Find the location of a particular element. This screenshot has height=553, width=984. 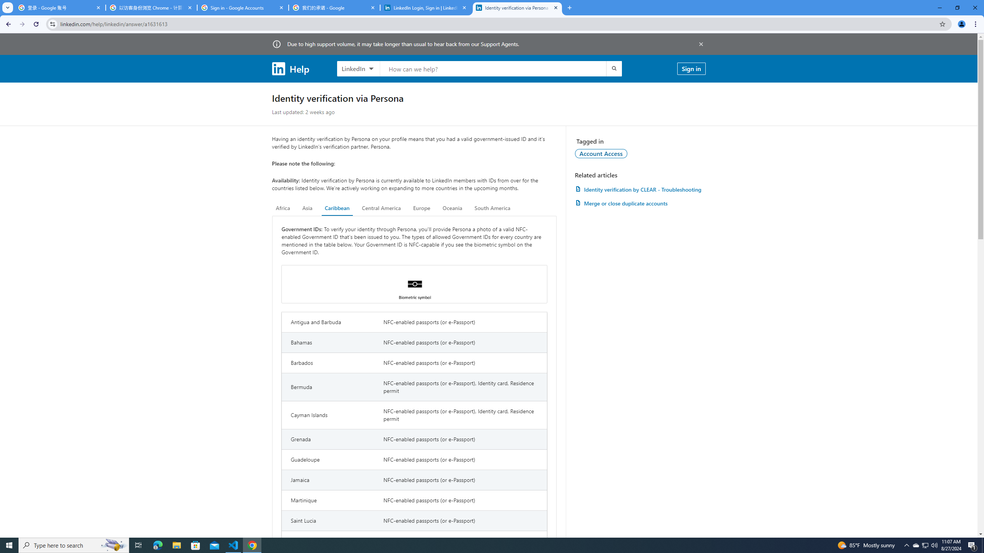

'South America' is located at coordinates (492, 208).